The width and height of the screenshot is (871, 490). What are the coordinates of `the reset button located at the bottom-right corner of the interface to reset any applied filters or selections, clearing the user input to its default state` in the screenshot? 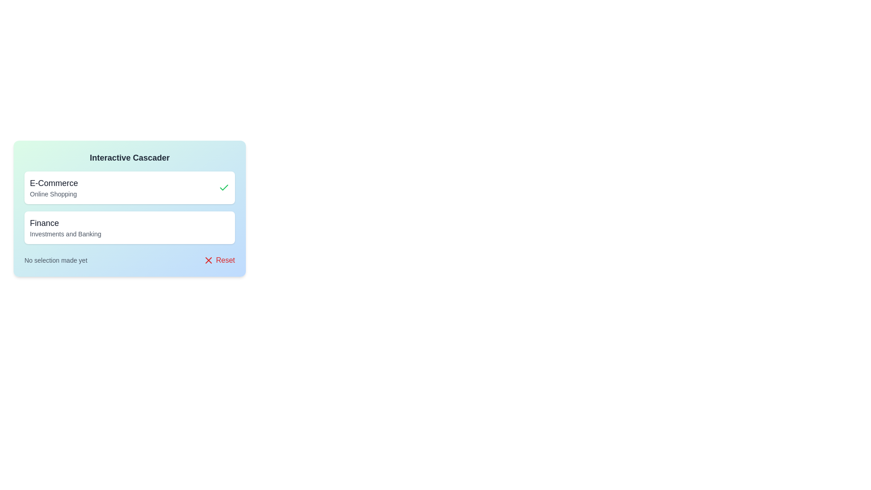 It's located at (219, 260).